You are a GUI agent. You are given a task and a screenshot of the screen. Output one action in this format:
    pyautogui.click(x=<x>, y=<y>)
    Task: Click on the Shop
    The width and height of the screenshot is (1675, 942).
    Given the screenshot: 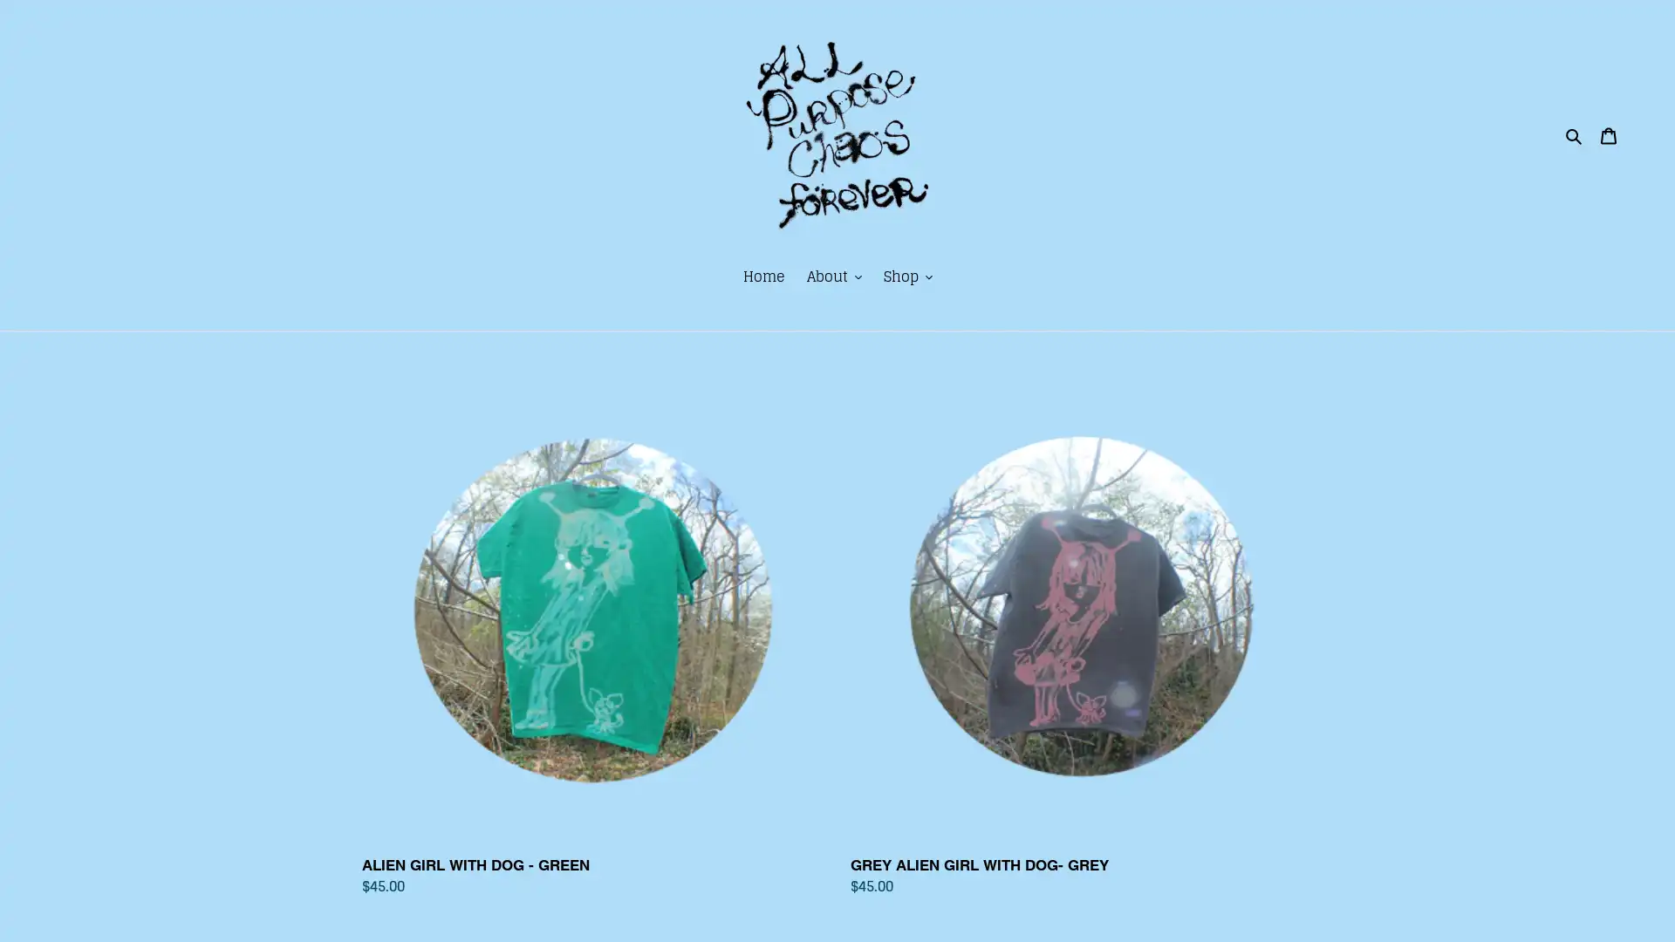 What is the action you would take?
    pyautogui.click(x=907, y=276)
    